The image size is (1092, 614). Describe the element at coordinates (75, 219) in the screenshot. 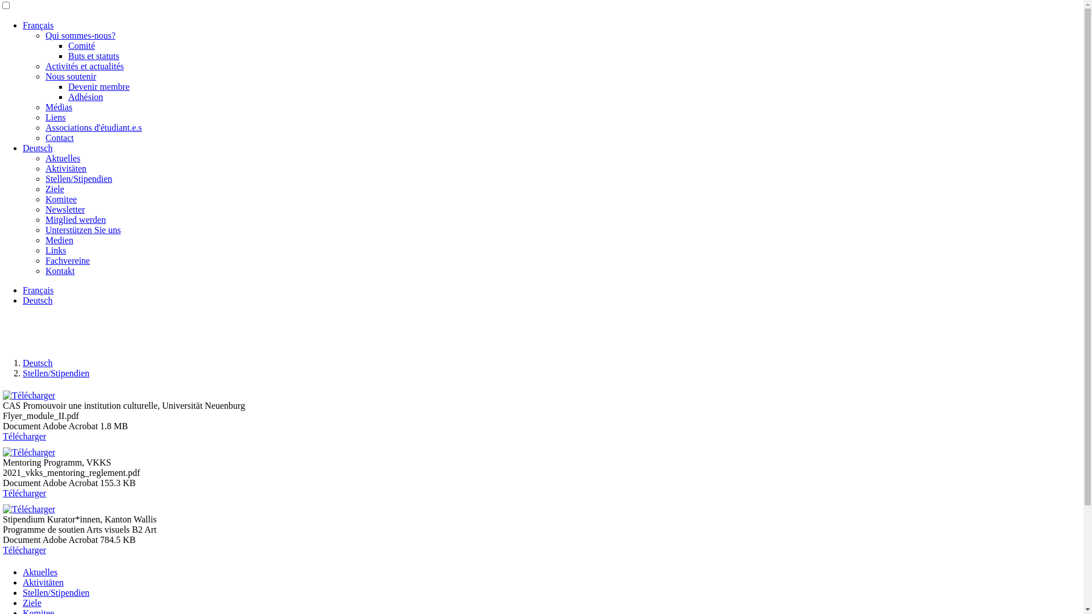

I see `'Mitglied werden'` at that location.